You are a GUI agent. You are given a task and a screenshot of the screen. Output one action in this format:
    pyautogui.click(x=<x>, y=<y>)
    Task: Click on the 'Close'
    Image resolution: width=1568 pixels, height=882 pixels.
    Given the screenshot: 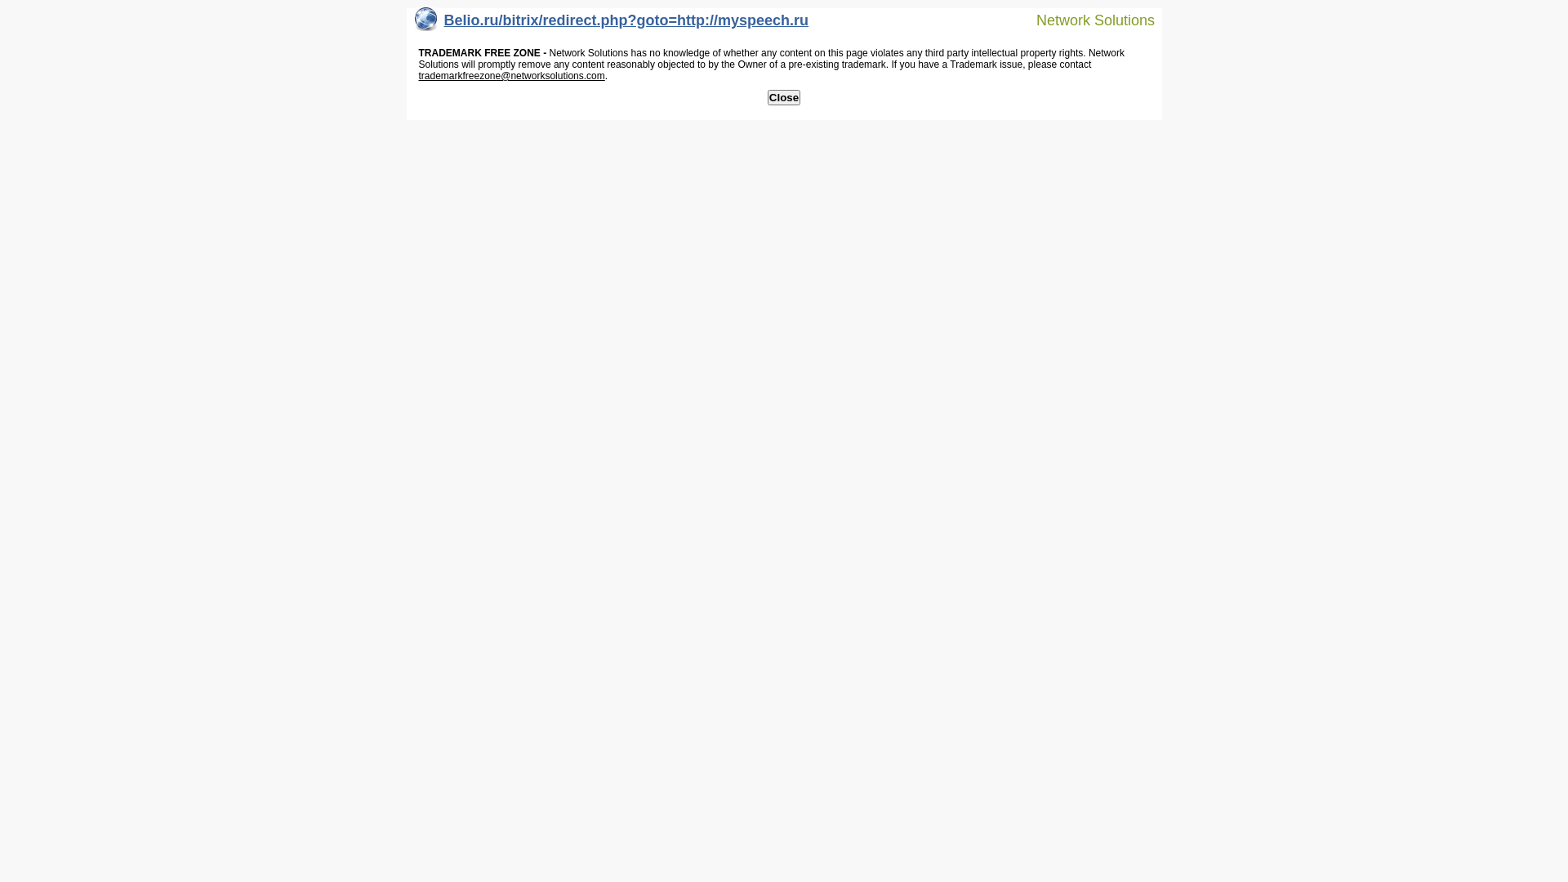 What is the action you would take?
    pyautogui.click(x=784, y=97)
    